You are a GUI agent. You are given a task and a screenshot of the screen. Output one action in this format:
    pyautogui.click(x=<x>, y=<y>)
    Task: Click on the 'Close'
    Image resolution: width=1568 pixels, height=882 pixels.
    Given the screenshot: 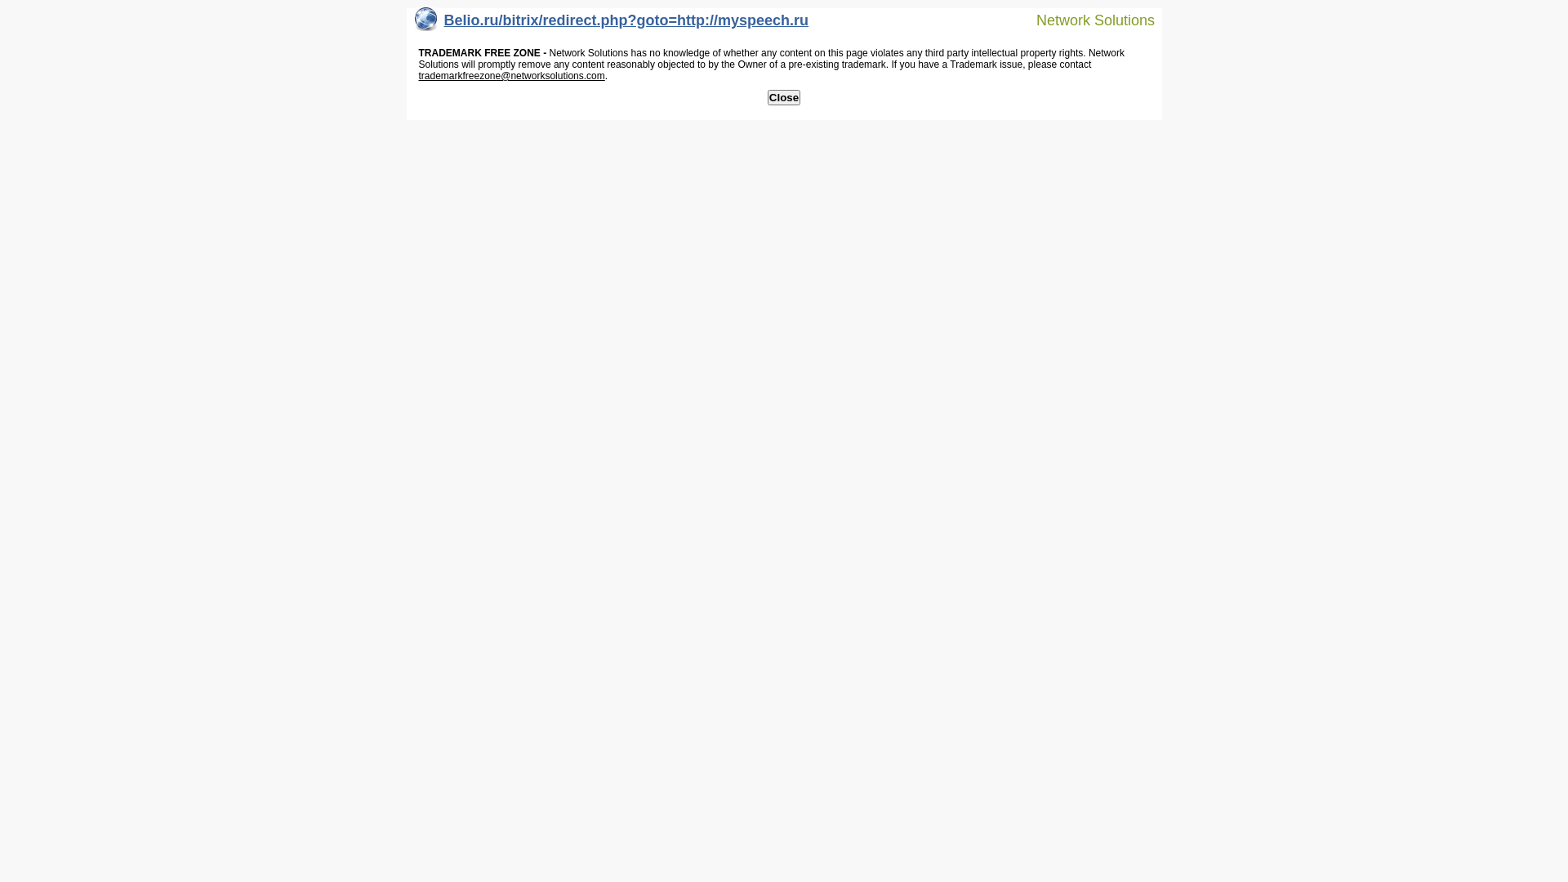 What is the action you would take?
    pyautogui.click(x=784, y=97)
    